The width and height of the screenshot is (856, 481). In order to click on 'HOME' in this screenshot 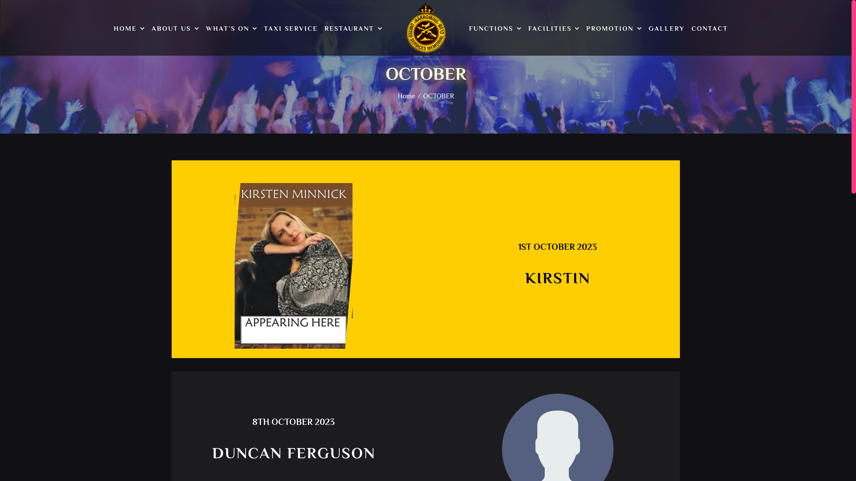, I will do `click(129, 29)`.